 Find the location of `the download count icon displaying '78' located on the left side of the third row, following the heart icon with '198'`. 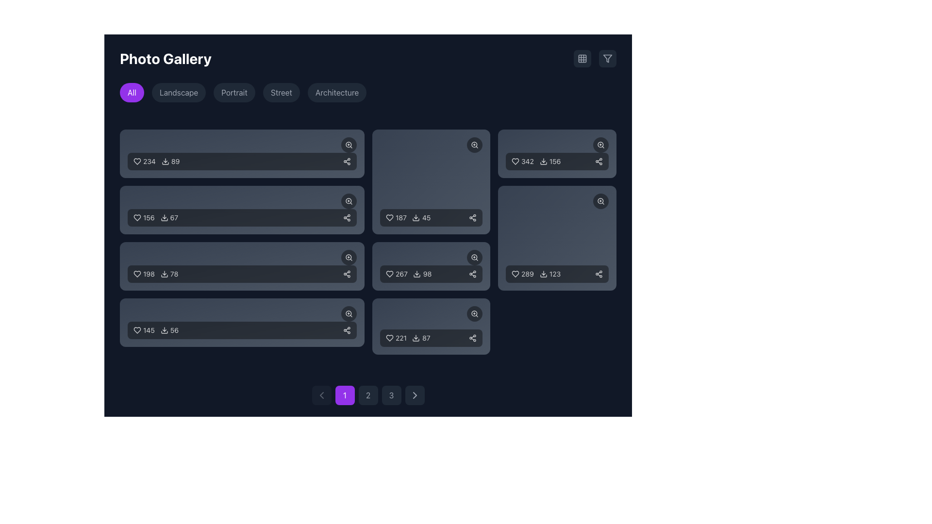

the download count icon displaying '78' located on the left side of the third row, following the heart icon with '198' is located at coordinates (169, 274).